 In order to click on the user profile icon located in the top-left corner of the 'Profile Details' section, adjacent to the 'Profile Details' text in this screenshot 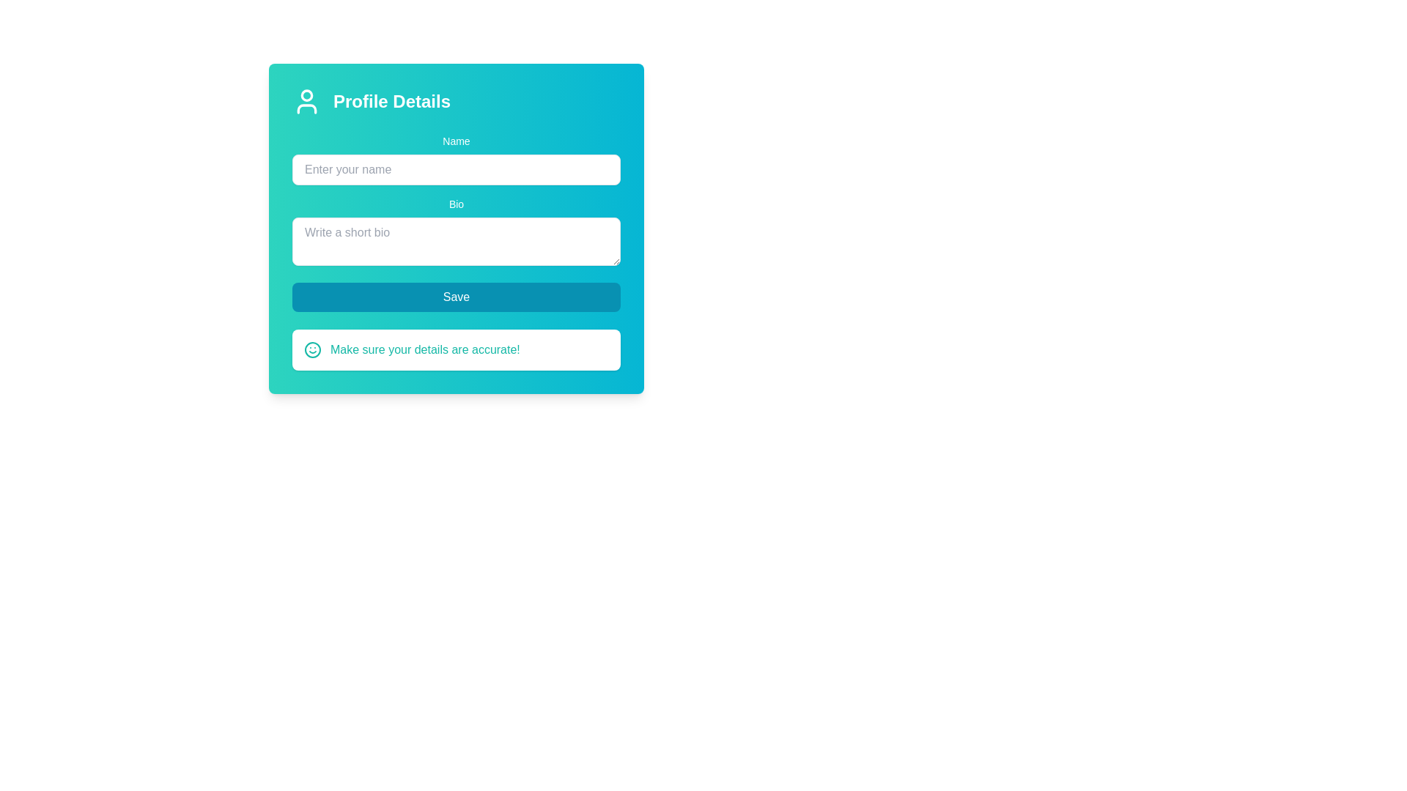, I will do `click(306, 100)`.